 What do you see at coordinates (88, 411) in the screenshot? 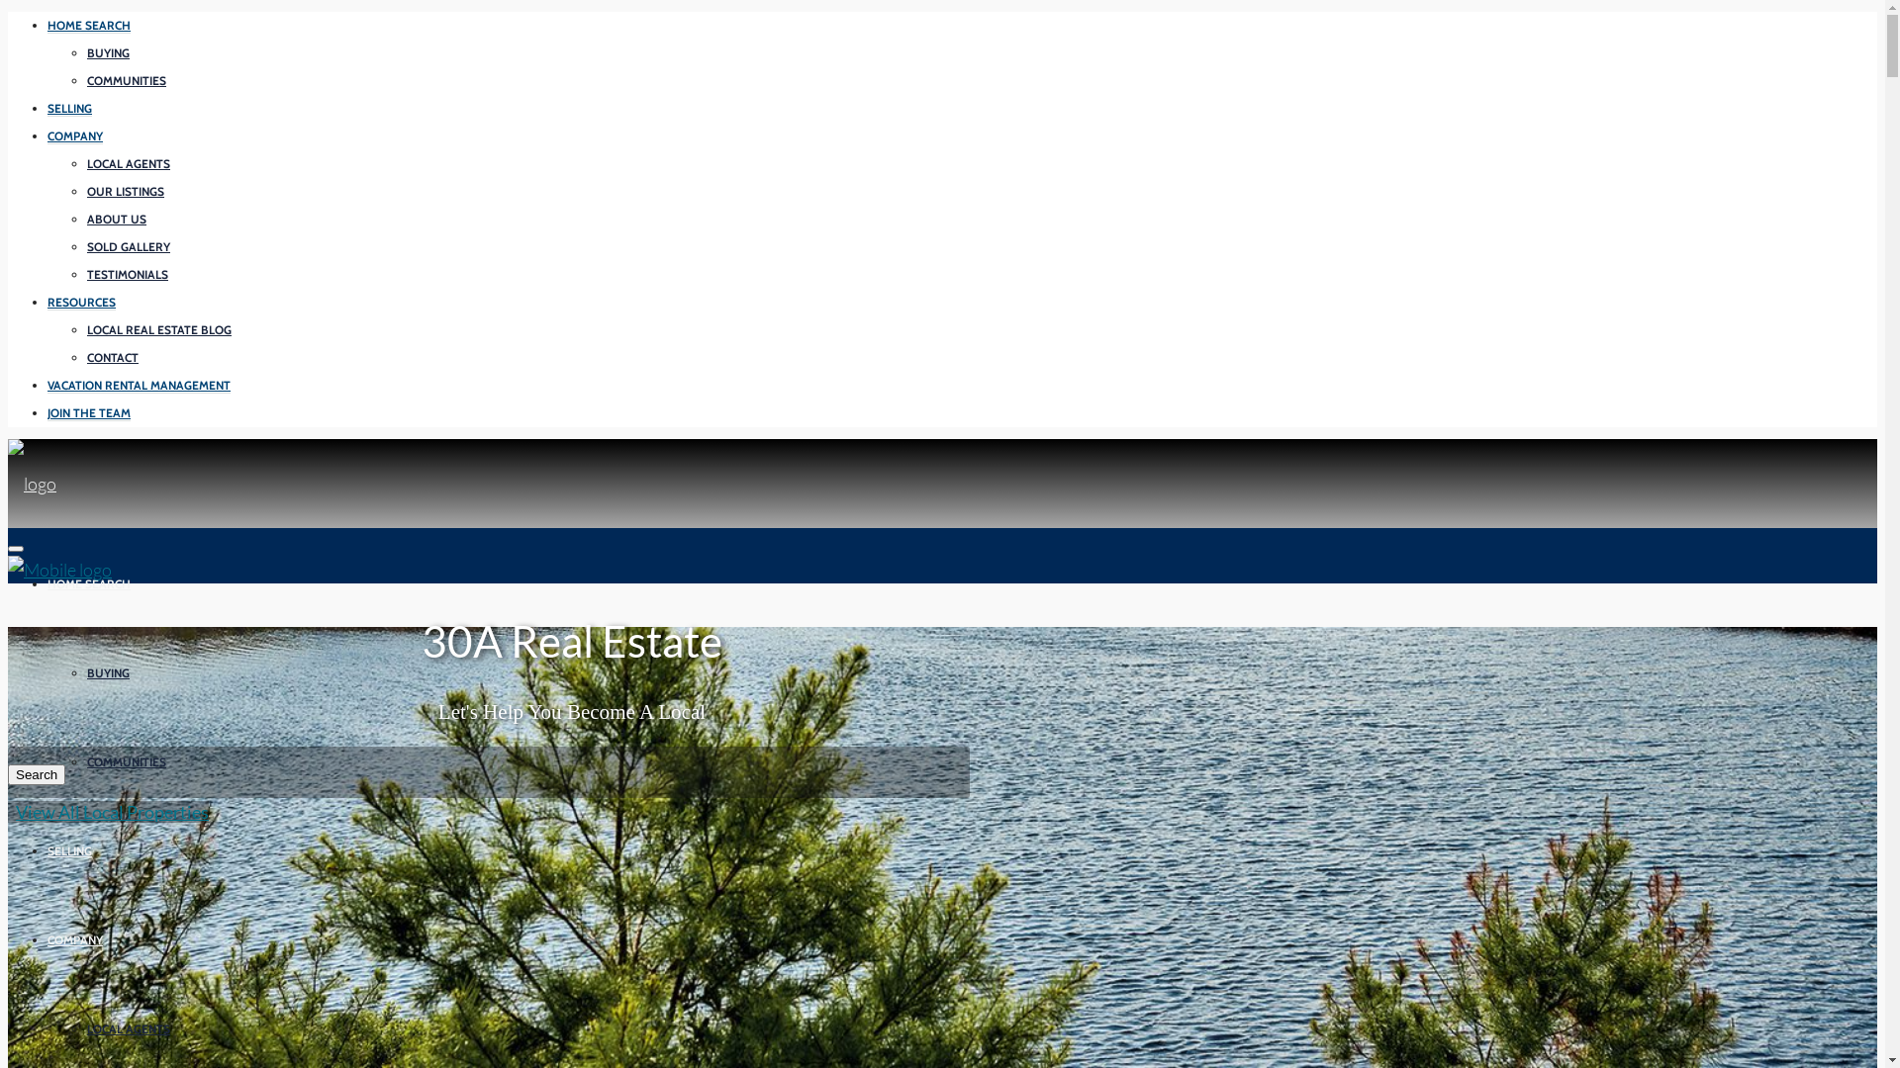
I see `'JOIN THE TEAM'` at bounding box center [88, 411].